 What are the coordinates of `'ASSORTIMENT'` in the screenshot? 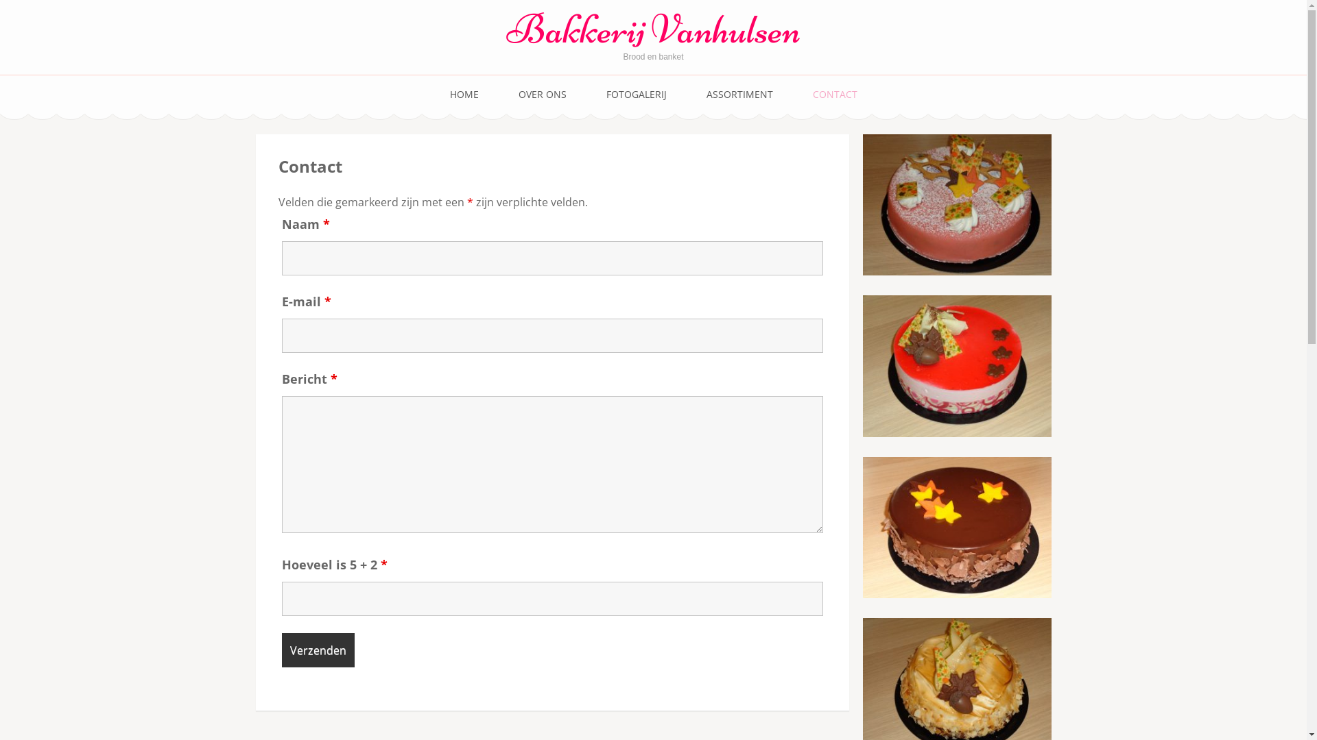 It's located at (739, 94).